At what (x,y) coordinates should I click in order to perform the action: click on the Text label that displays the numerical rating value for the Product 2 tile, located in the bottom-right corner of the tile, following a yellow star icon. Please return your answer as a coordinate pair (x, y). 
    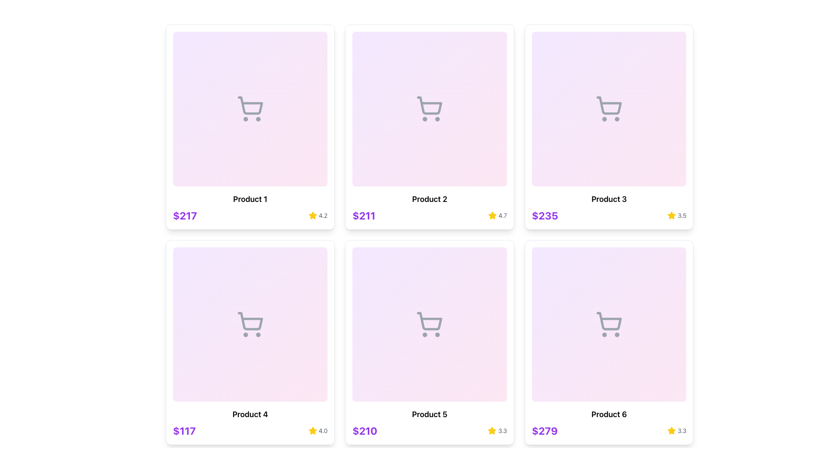
    Looking at the image, I should click on (502, 215).